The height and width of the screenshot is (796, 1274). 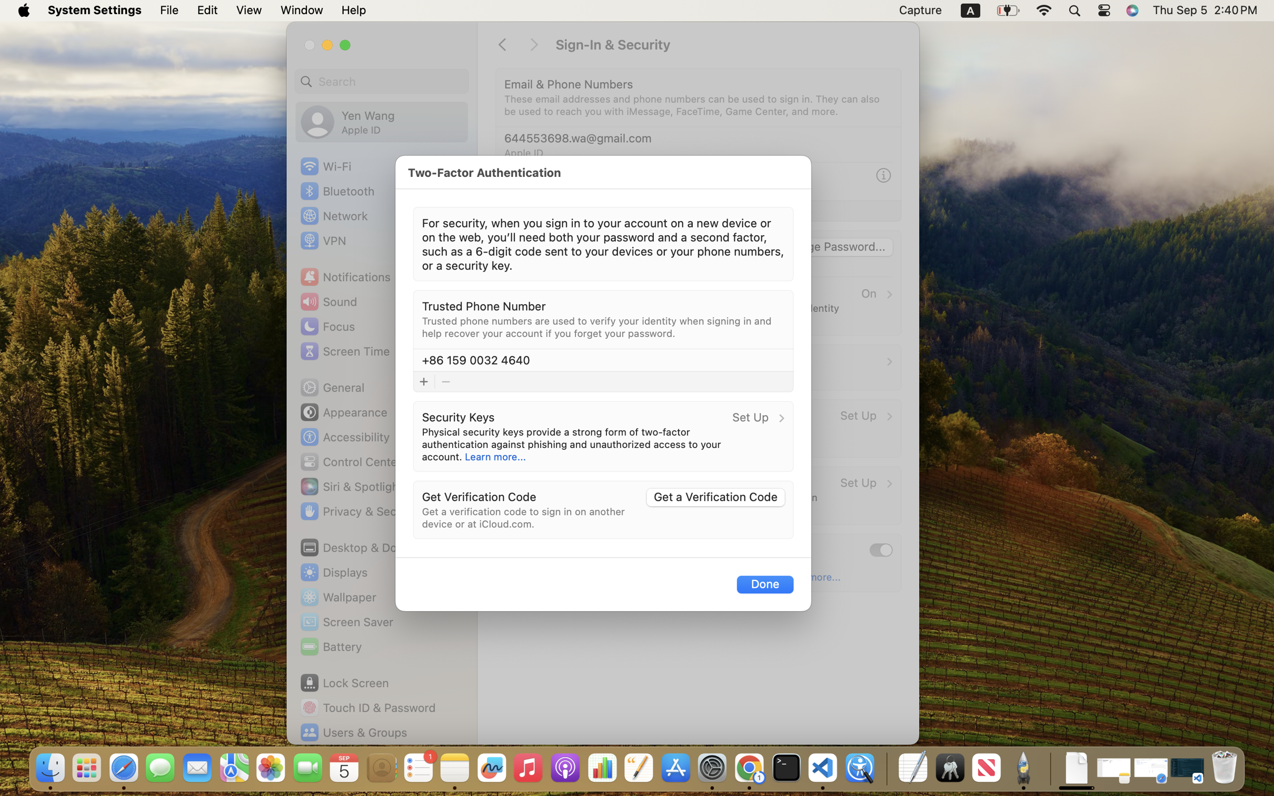 What do you see at coordinates (885, 768) in the screenshot?
I see `'0.4285714328289032'` at bounding box center [885, 768].